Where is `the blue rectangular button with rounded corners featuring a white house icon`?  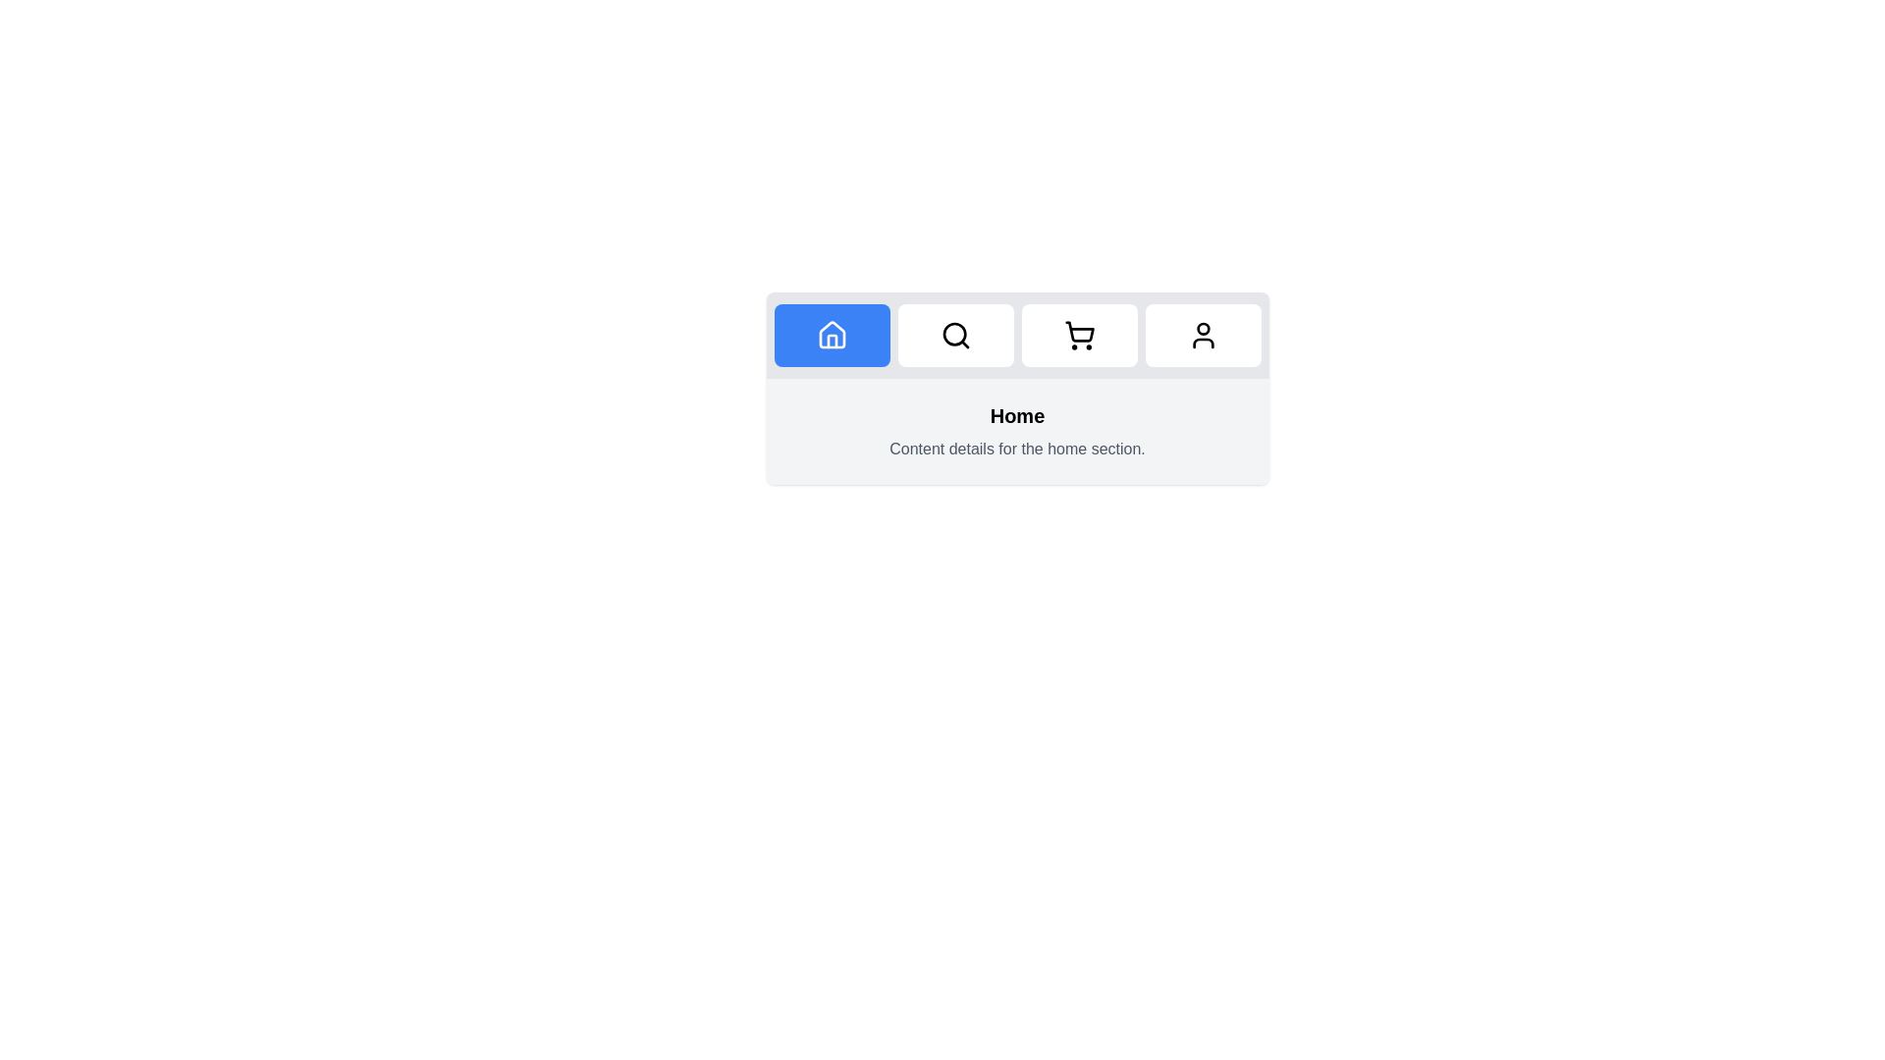
the blue rectangular button with rounded corners featuring a white house icon is located at coordinates (832, 335).